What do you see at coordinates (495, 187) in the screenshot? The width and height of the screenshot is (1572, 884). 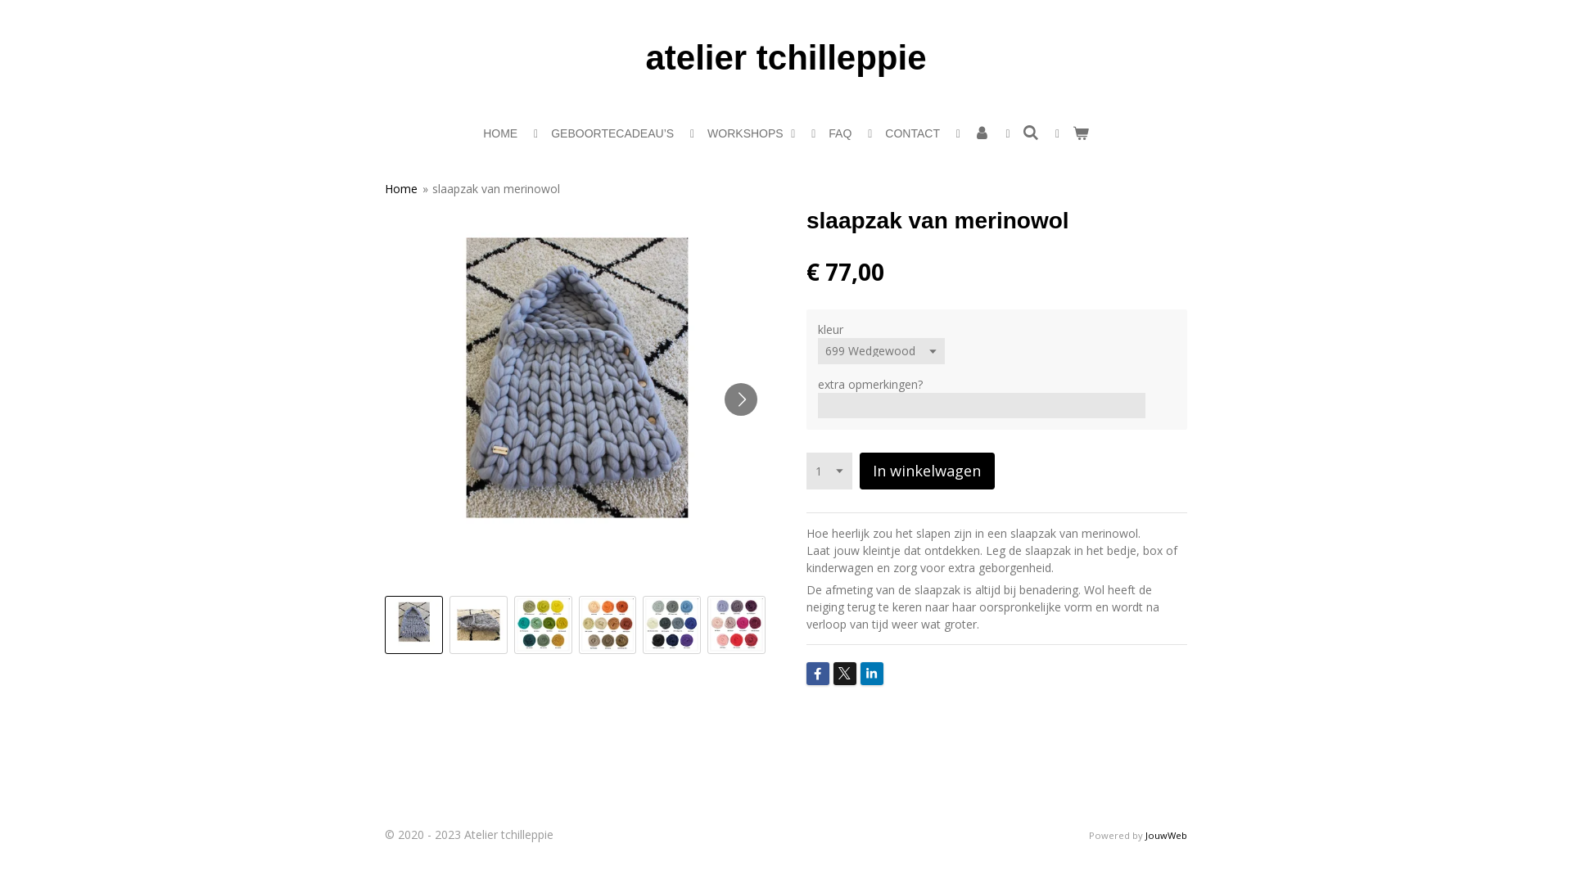 I see `'slaapzak van merinowol'` at bounding box center [495, 187].